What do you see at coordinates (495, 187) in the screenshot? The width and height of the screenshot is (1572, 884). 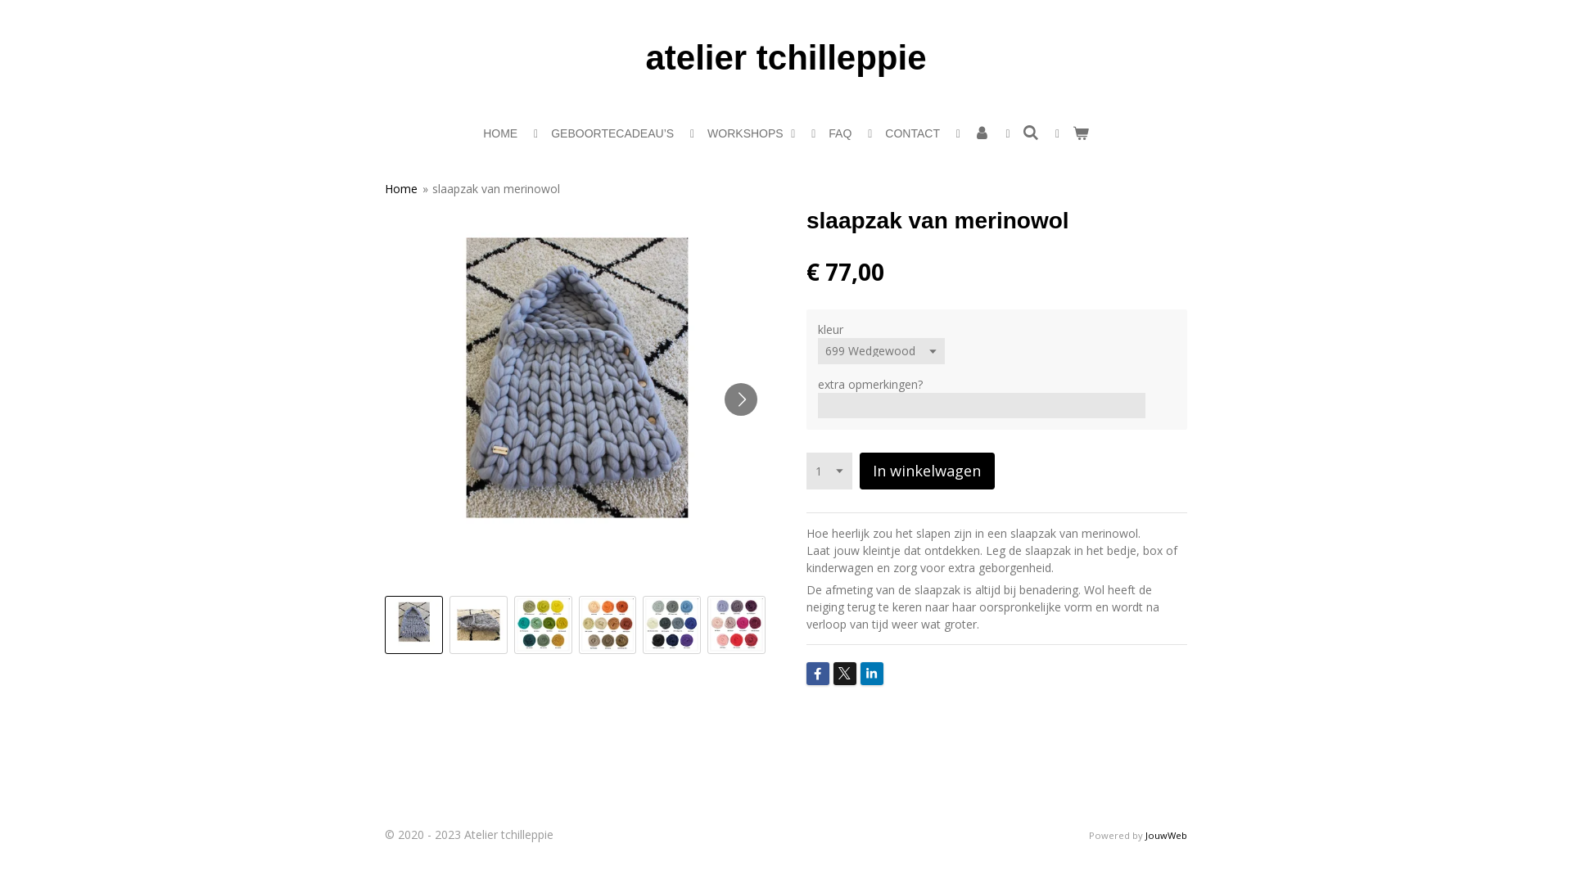 I see `'slaapzak van merinowol'` at bounding box center [495, 187].